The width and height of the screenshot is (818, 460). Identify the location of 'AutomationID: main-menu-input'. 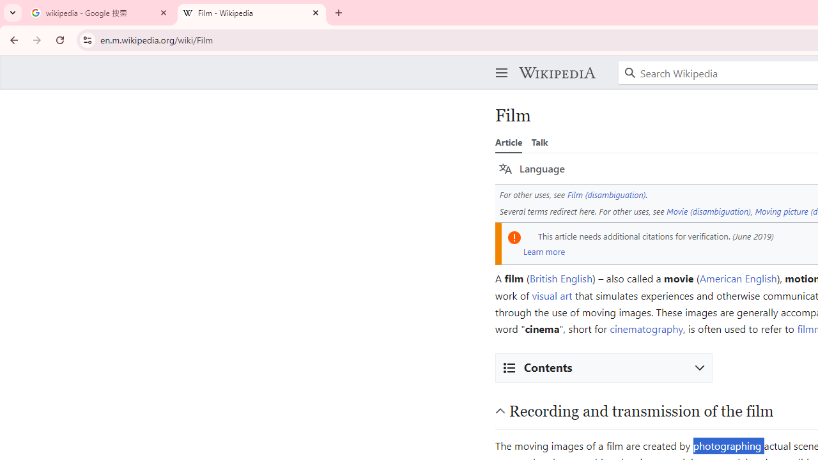
(498, 63).